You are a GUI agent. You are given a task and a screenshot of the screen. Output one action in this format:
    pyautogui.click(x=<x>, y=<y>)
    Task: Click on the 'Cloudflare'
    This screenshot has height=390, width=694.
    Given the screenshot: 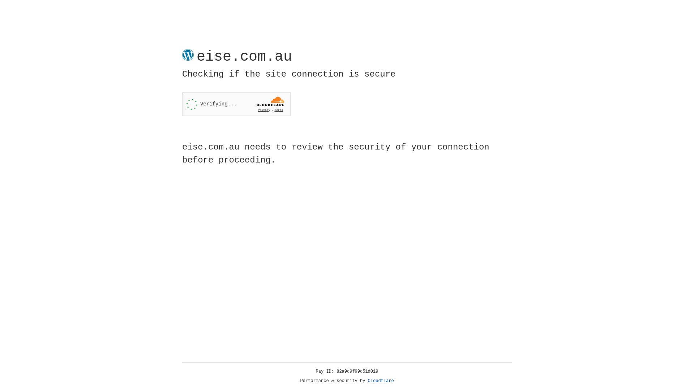 What is the action you would take?
    pyautogui.click(x=368, y=381)
    